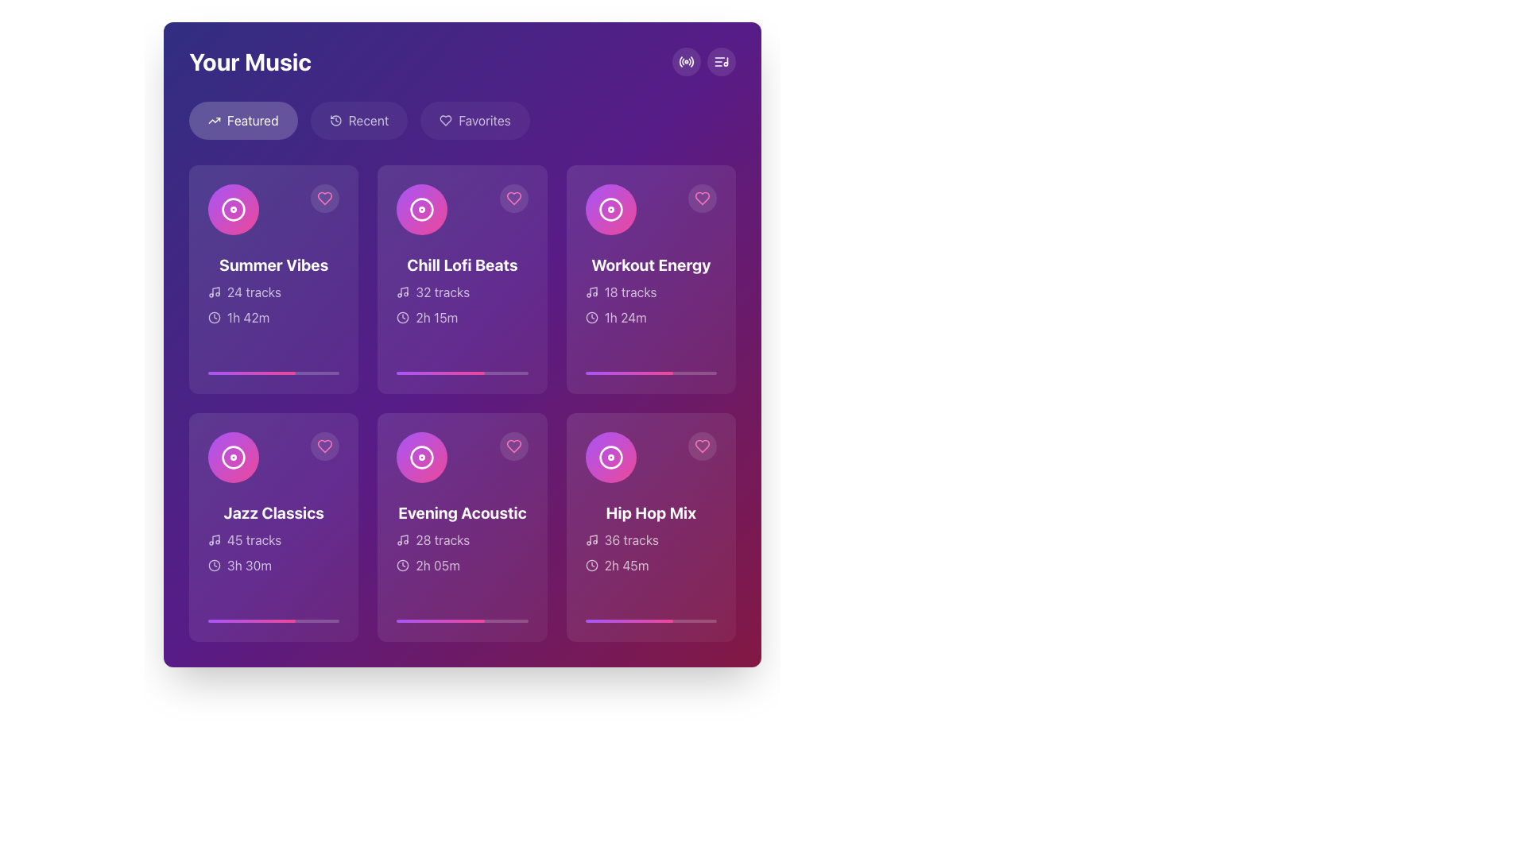  I want to click on the Information card that displays details about a specific music playlist, located in the top row of the grid layout, specifically the first card from the left in the 'Your Music' section, so click(273, 291).